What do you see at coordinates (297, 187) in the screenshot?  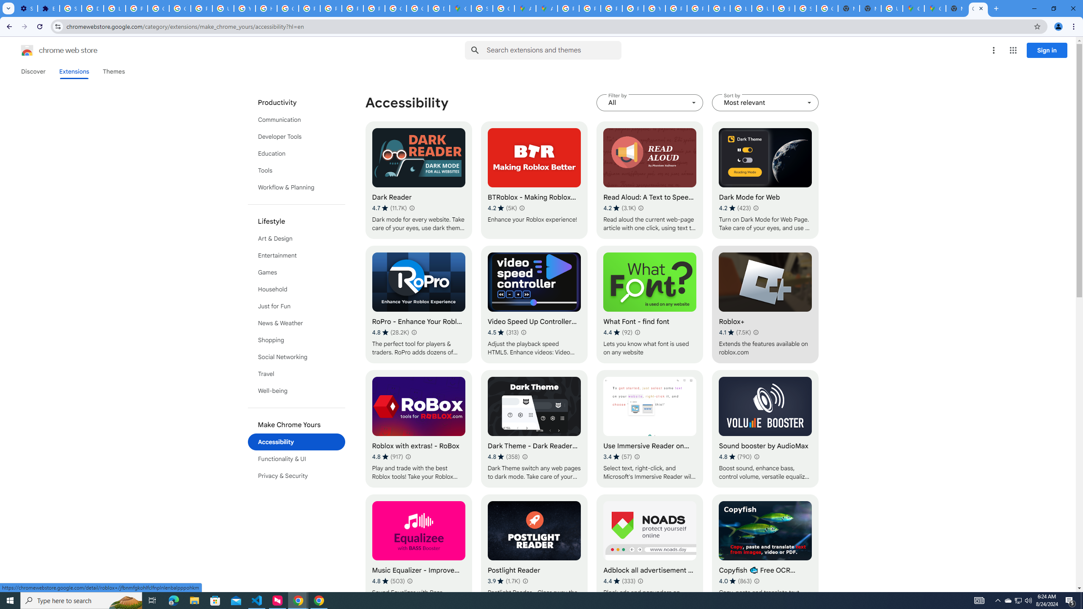 I see `'Workflow & Planning'` at bounding box center [297, 187].